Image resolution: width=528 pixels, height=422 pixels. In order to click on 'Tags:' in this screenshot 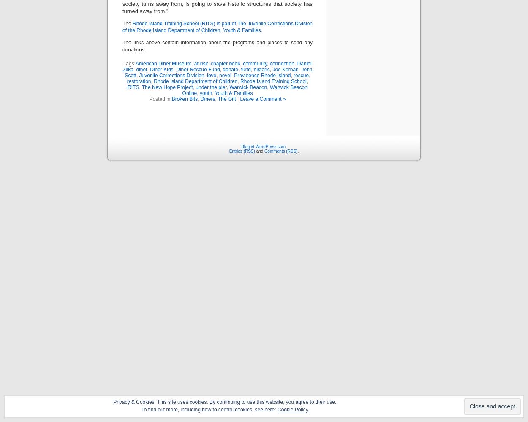, I will do `click(123, 63)`.